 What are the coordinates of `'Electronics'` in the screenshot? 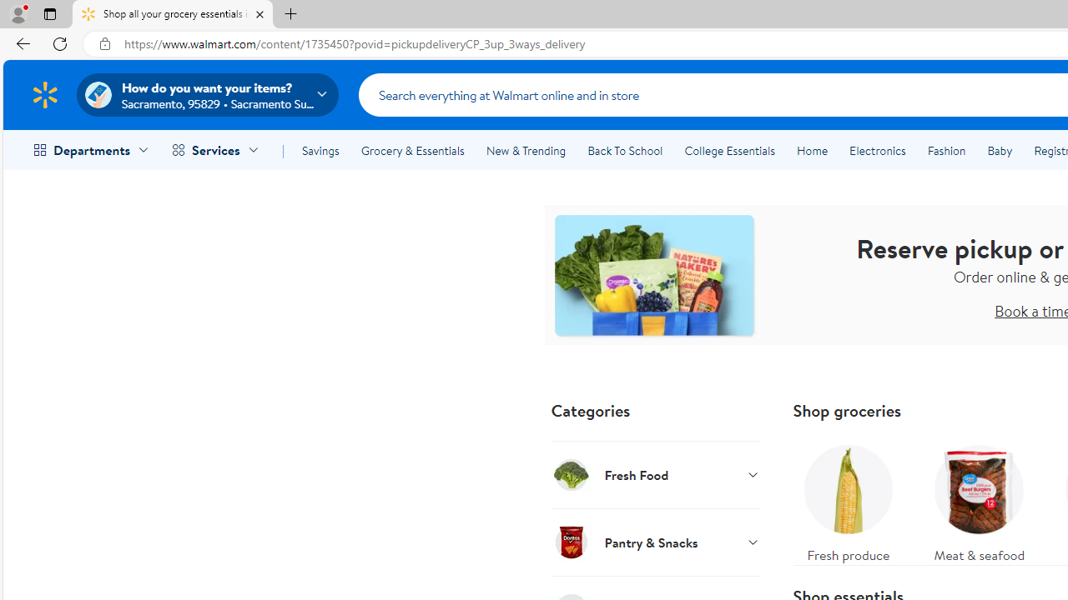 It's located at (876, 151).